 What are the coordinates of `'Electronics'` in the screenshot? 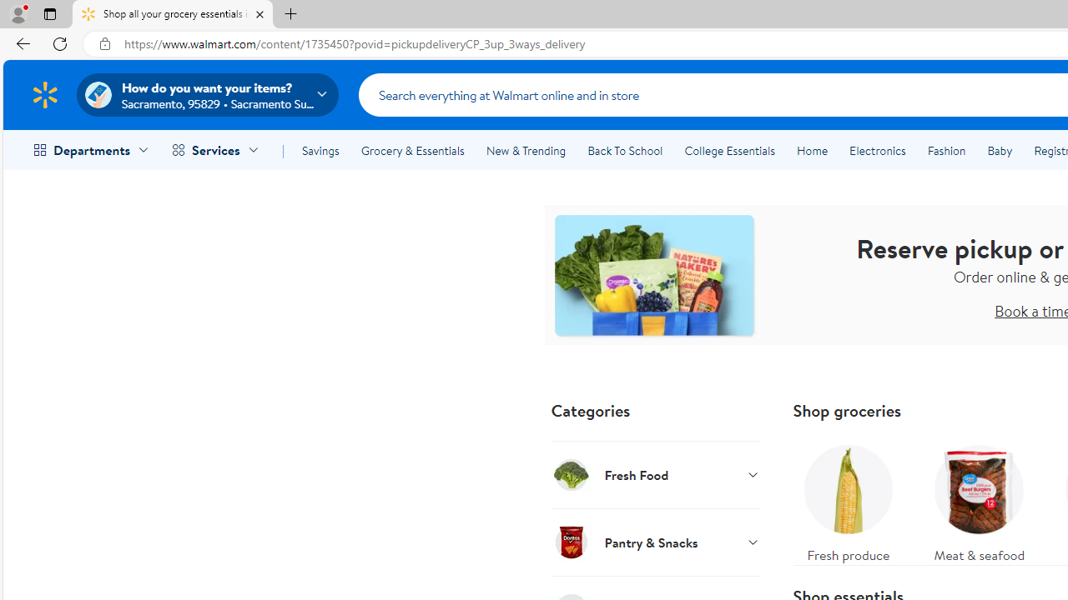 It's located at (876, 151).